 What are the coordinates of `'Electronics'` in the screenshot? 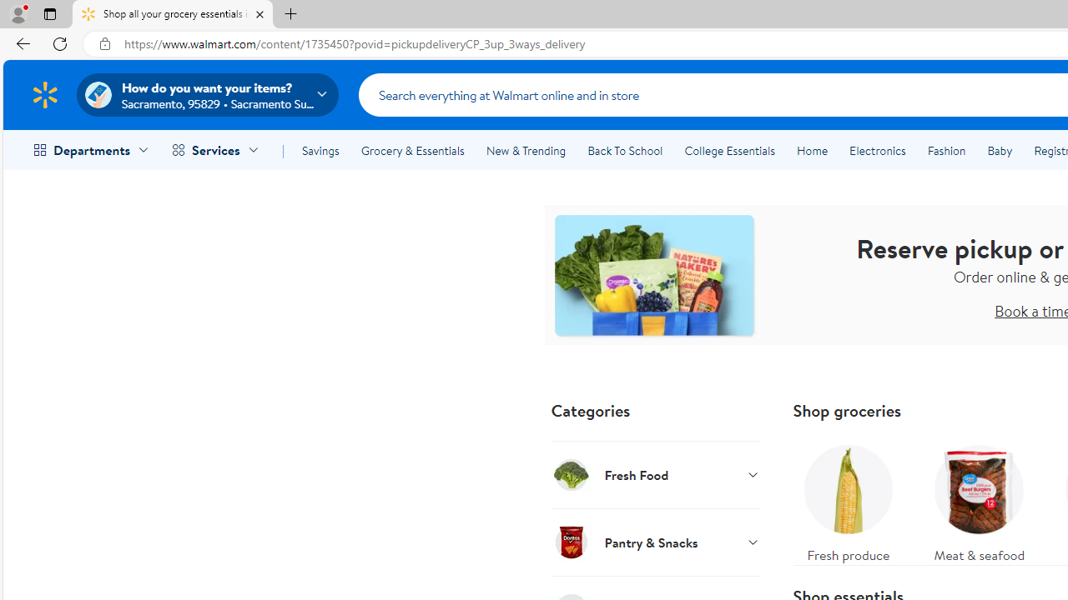 It's located at (876, 151).